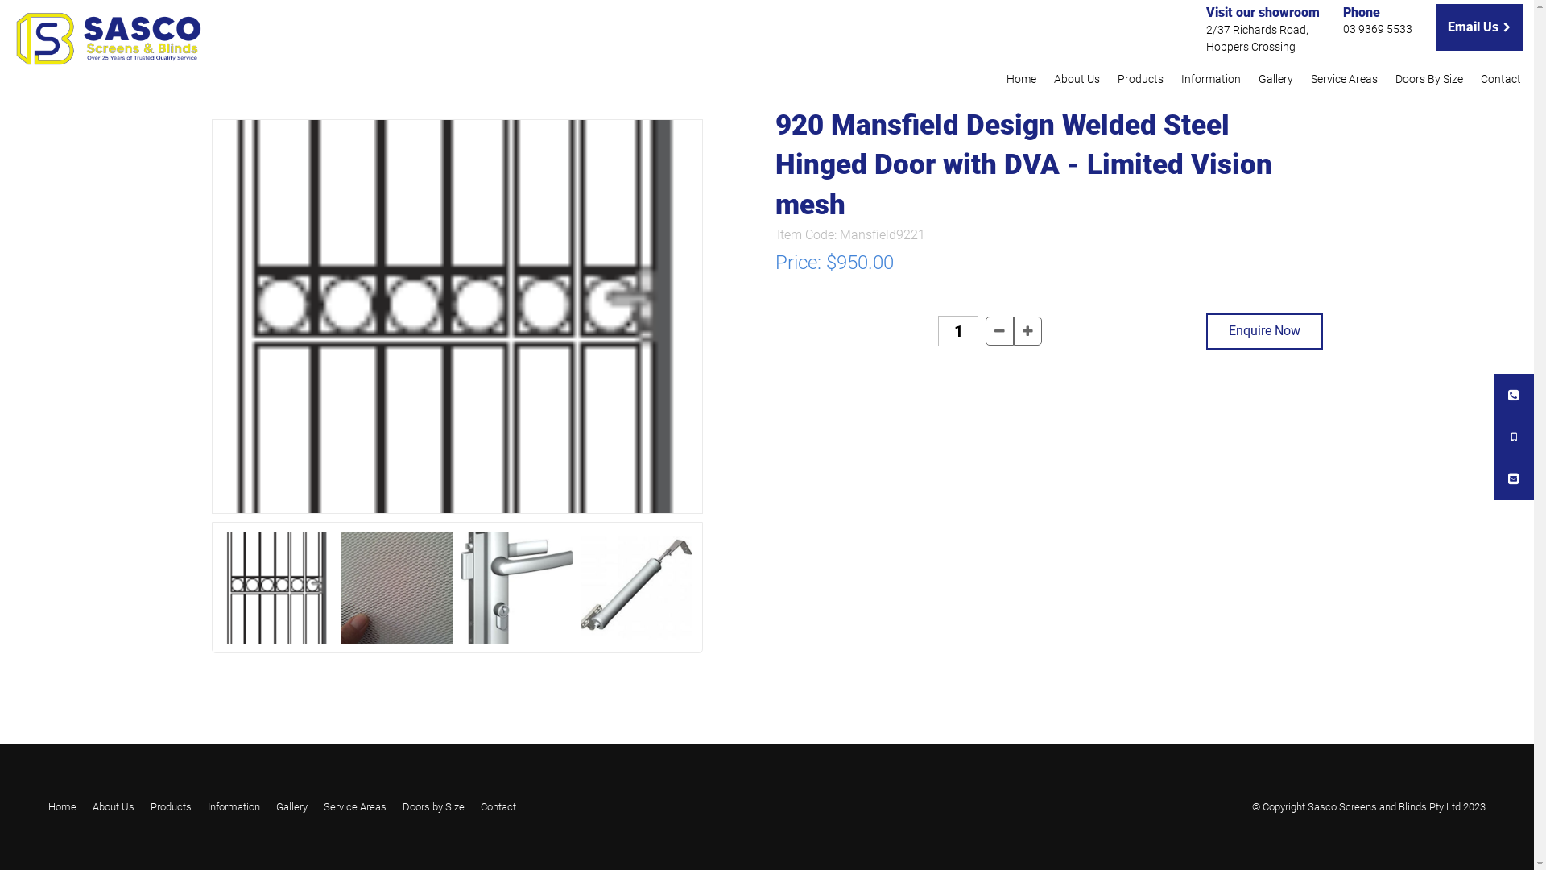 Image resolution: width=1546 pixels, height=870 pixels. I want to click on 'Email Us', so click(1479, 27).